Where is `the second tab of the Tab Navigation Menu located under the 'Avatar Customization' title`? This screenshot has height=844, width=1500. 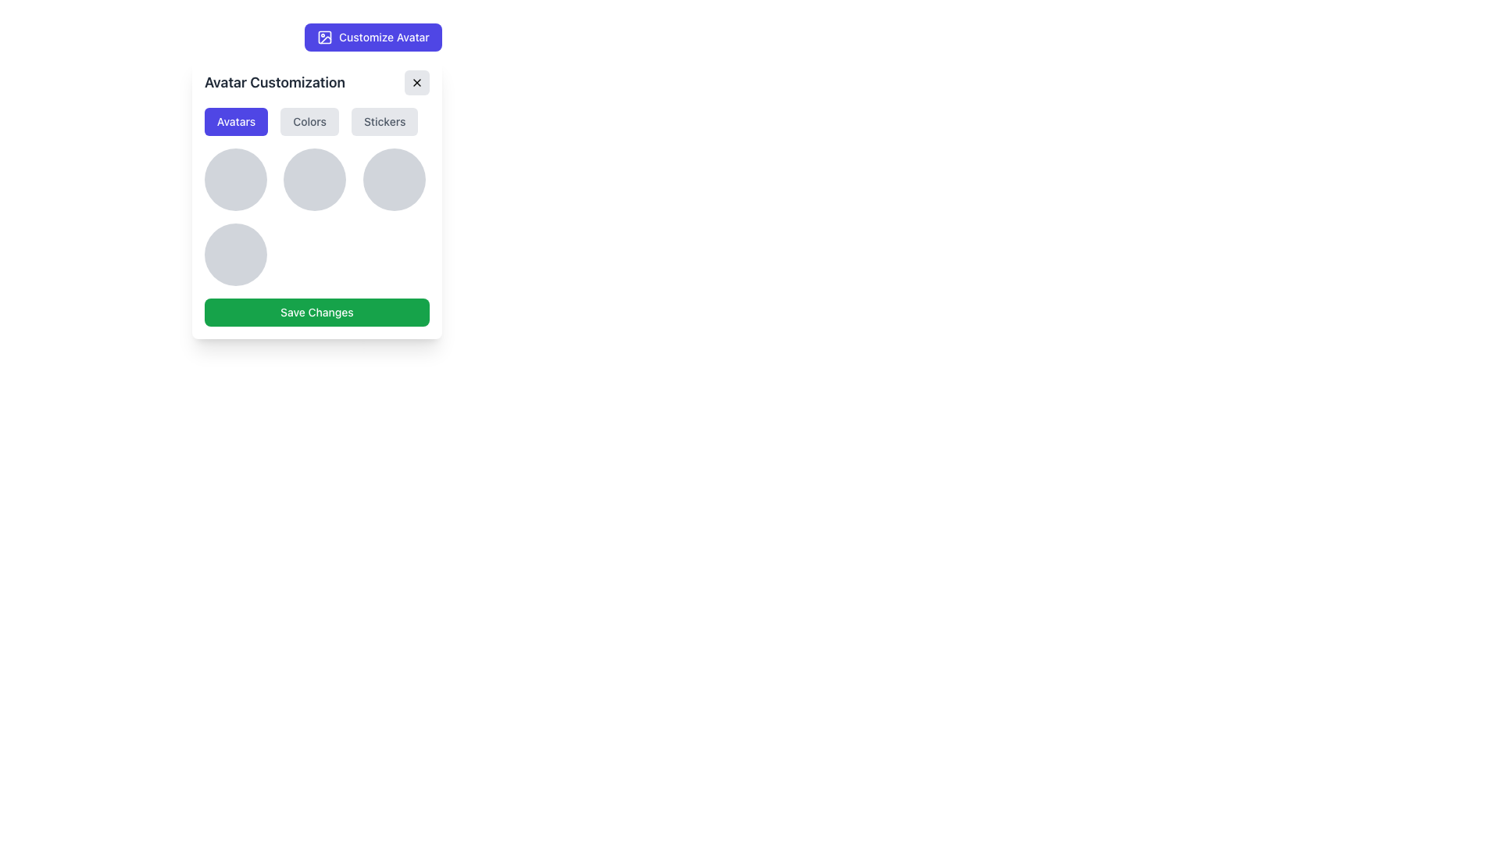 the second tab of the Tab Navigation Menu located under the 'Avatar Customization' title is located at coordinates (316, 120).